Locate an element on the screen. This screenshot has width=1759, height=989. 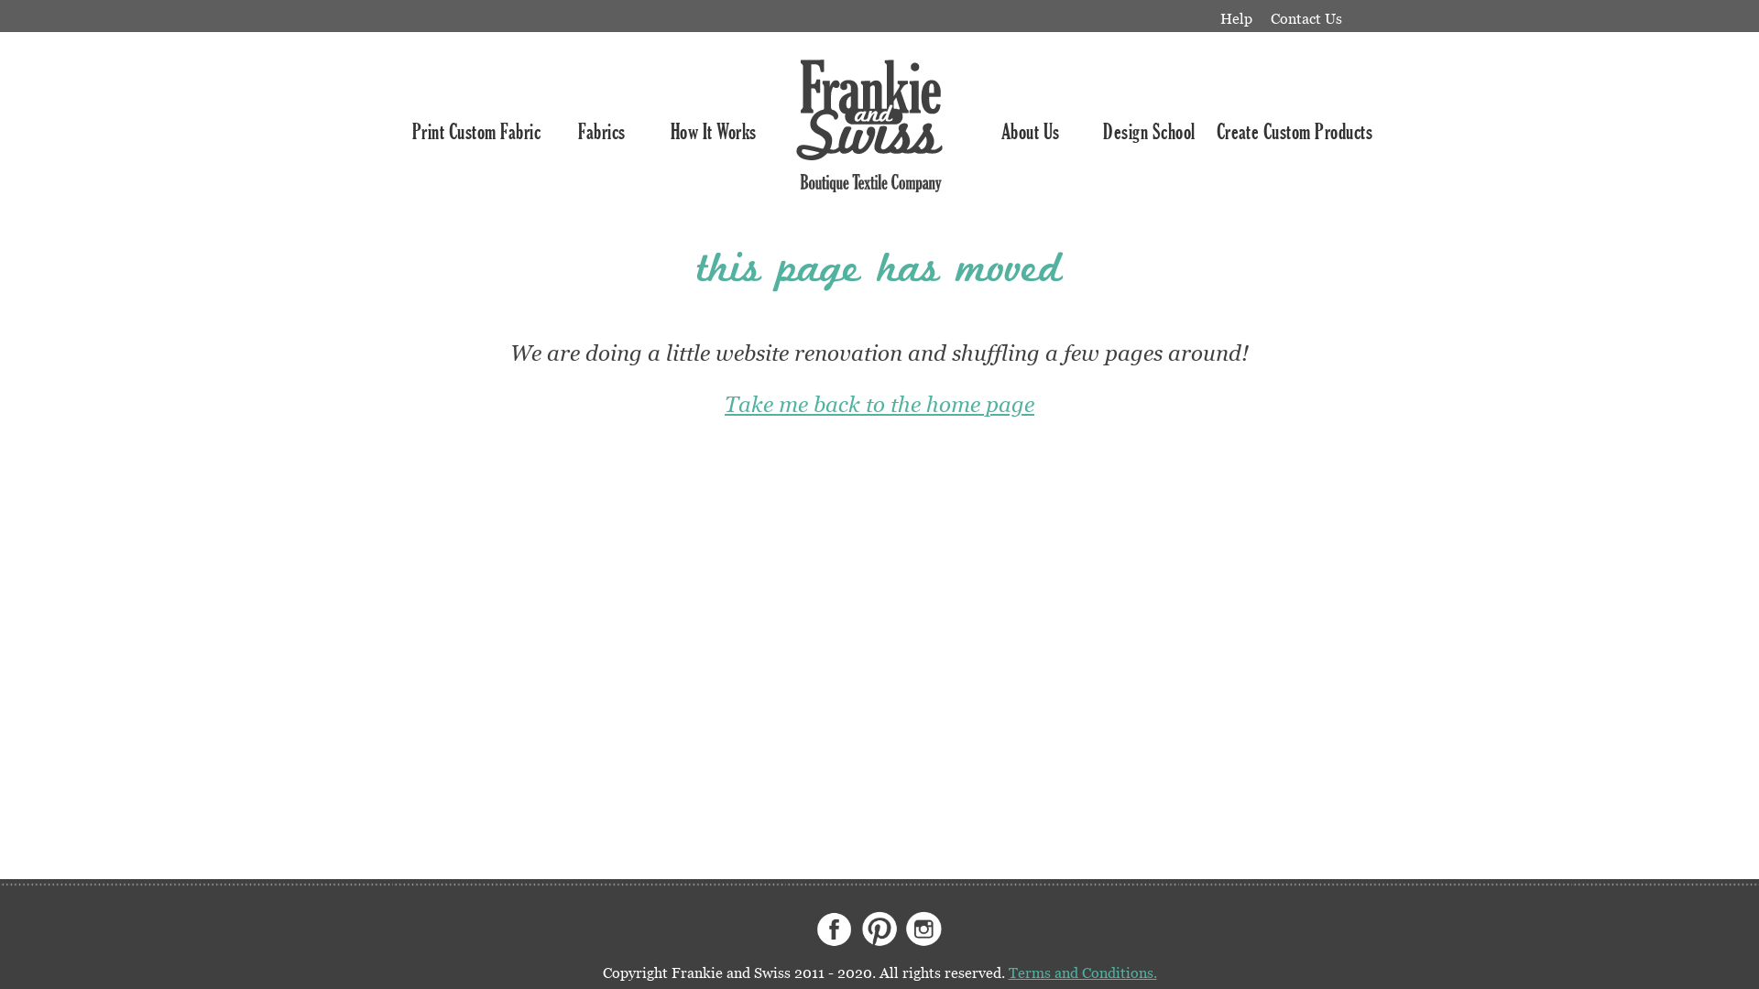
'Design School' is located at coordinates (1147, 130).